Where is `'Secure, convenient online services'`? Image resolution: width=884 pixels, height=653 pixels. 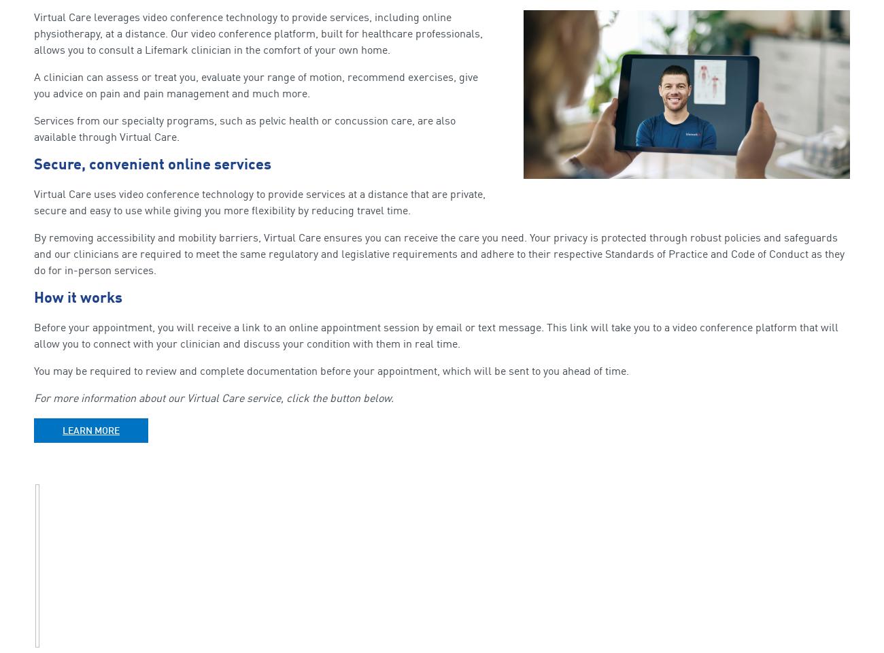
'Secure, convenient online services' is located at coordinates (152, 164).